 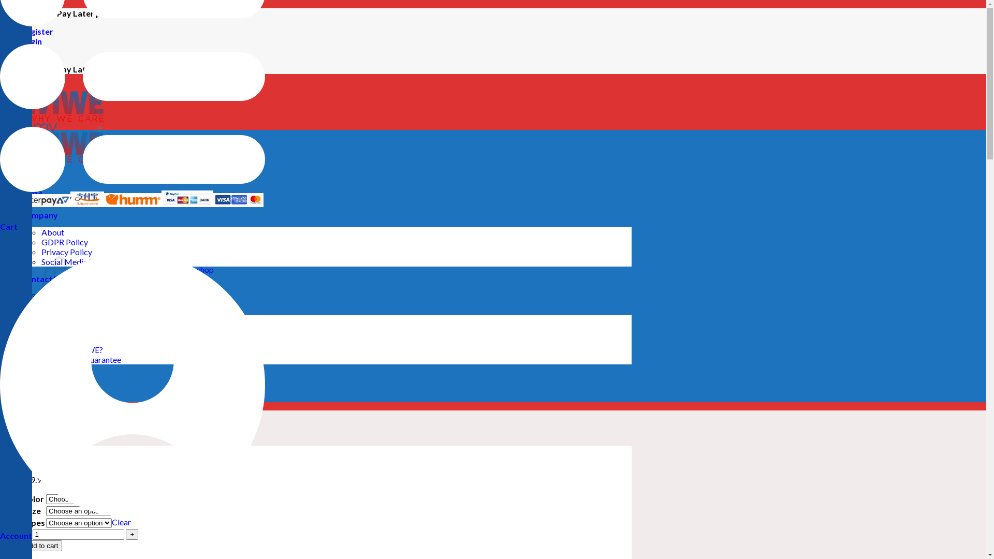 What do you see at coordinates (51, 138) in the screenshot?
I see `'WIWE Shop - why we care'` at bounding box center [51, 138].